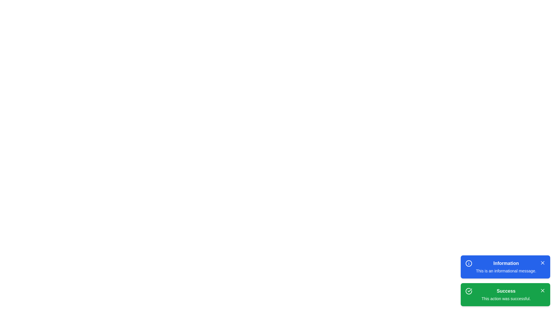 This screenshot has height=312, width=556. Describe the element at coordinates (542, 263) in the screenshot. I see `the close button located at the top-right corner of the blue 'Information' notification box` at that location.